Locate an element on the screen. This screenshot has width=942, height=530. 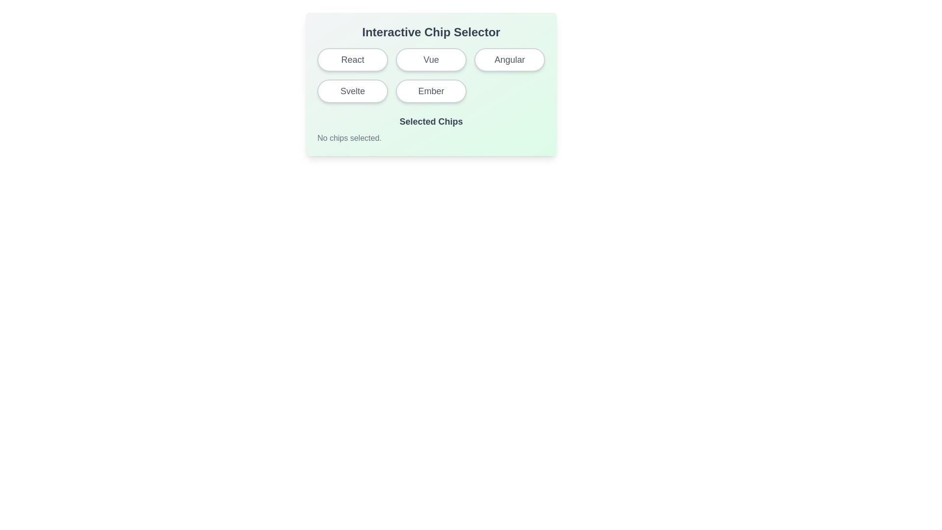
the first button labeled 'React' in the top-left corner of the grid layout is located at coordinates (353, 60).